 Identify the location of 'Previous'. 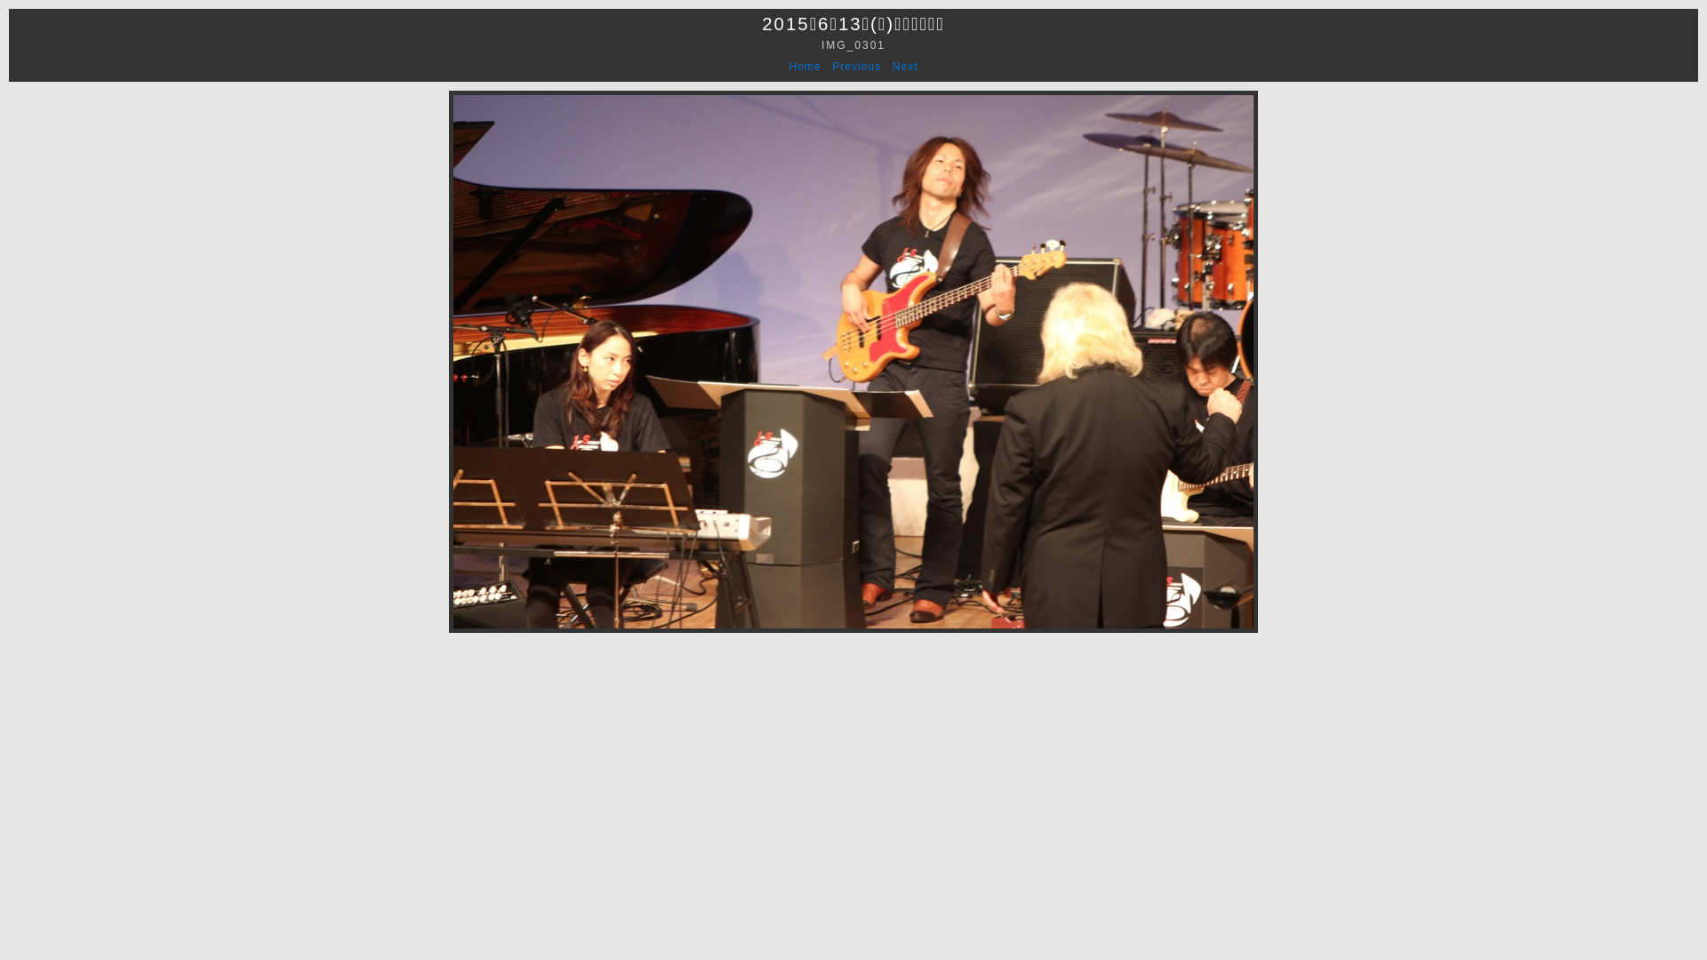
(856, 65).